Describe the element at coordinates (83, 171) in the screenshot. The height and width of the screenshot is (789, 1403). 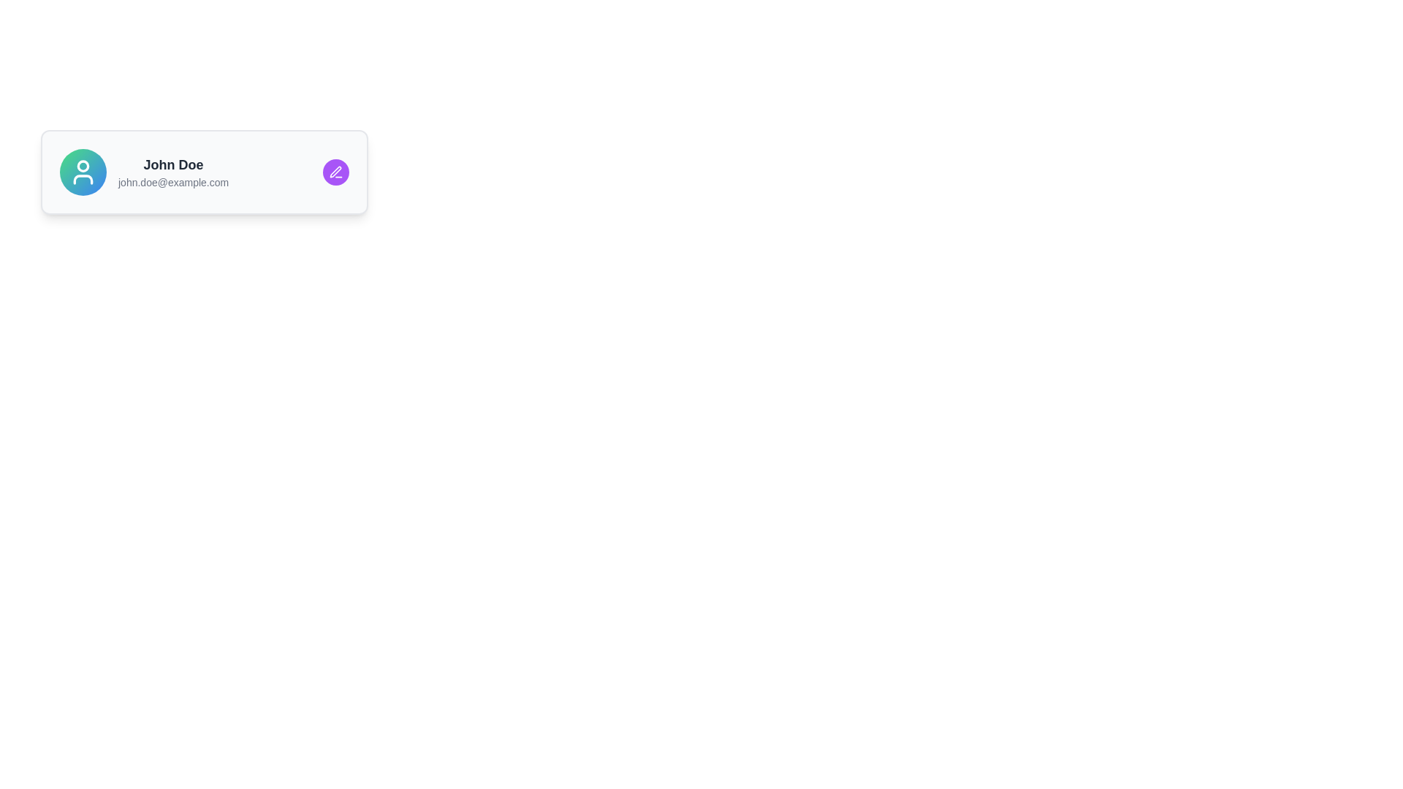
I see `the user profile circular icon representing 'John Doe' for accessibility purposes` at that location.